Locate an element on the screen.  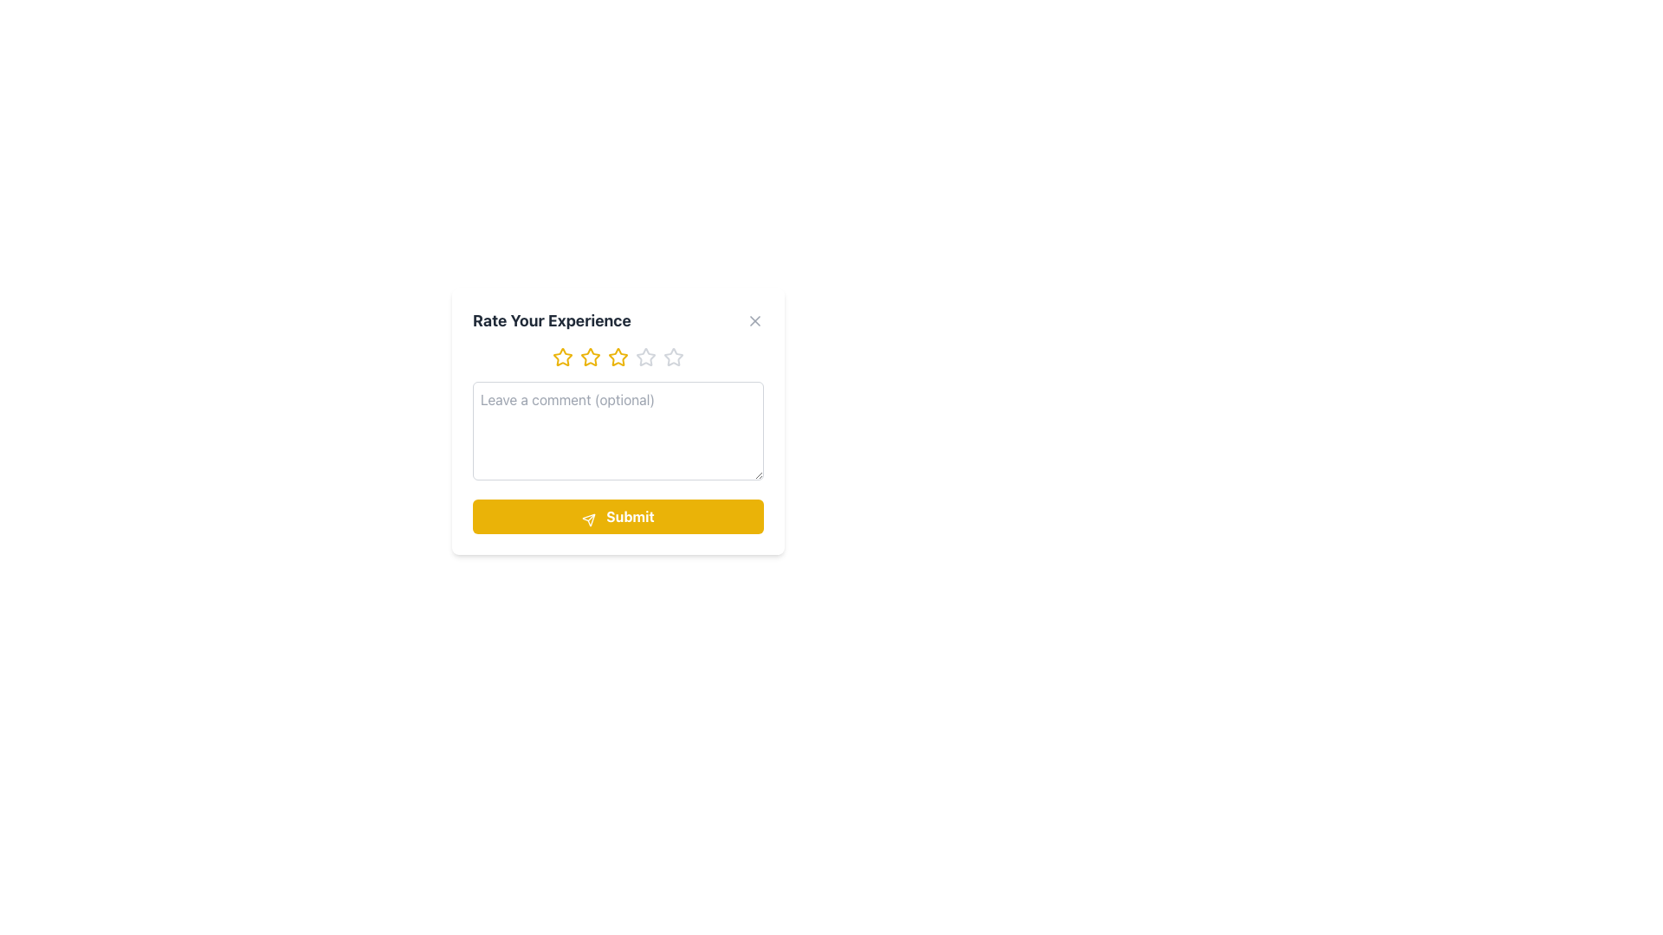
the fifth star-shaped icon button with a yellow border in the 'Rate Your Experience' component is located at coordinates (618, 356).